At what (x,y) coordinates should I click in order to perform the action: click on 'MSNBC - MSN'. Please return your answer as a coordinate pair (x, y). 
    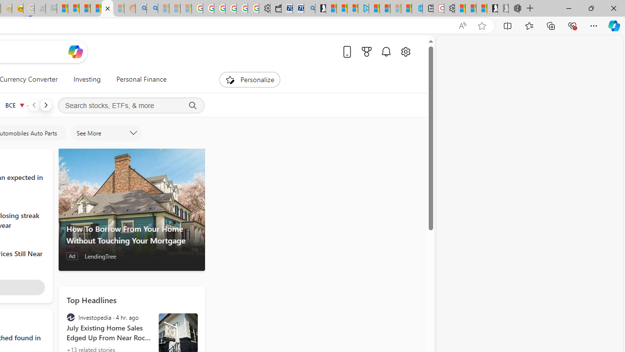
    Looking at the image, I should click on (62, 8).